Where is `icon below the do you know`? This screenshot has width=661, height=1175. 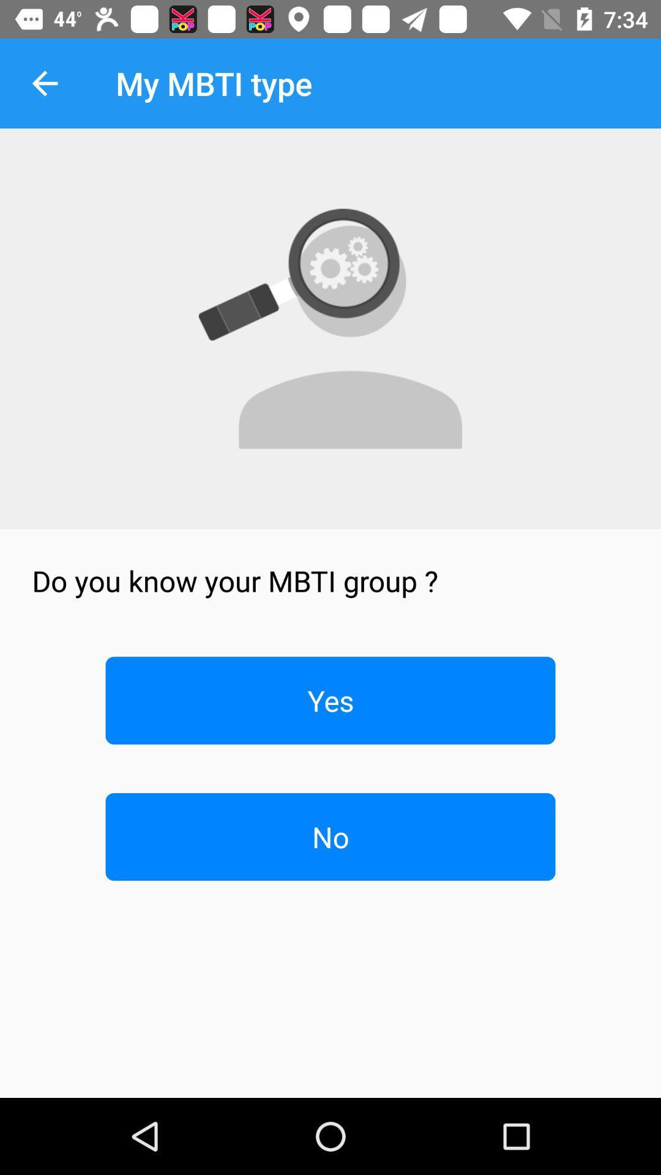 icon below the do you know is located at coordinates (330, 700).